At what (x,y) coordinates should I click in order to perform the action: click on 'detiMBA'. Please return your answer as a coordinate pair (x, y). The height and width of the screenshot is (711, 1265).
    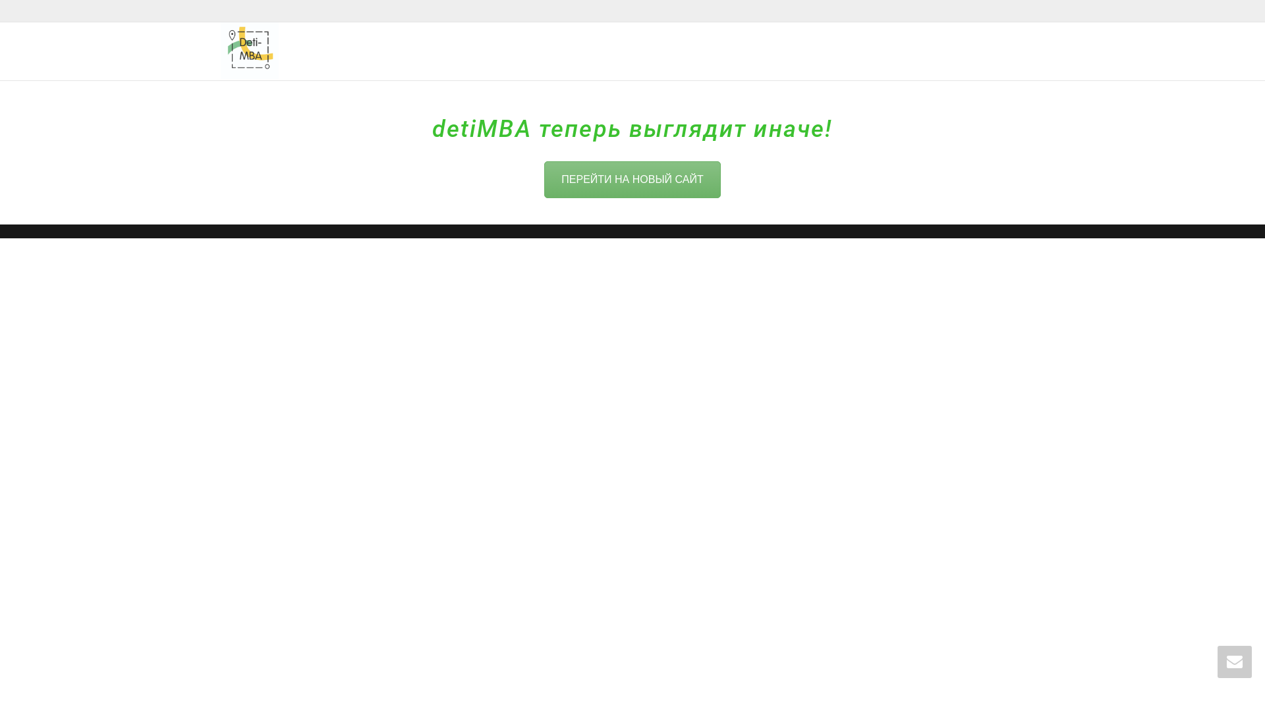
    Looking at the image, I should click on (250, 49).